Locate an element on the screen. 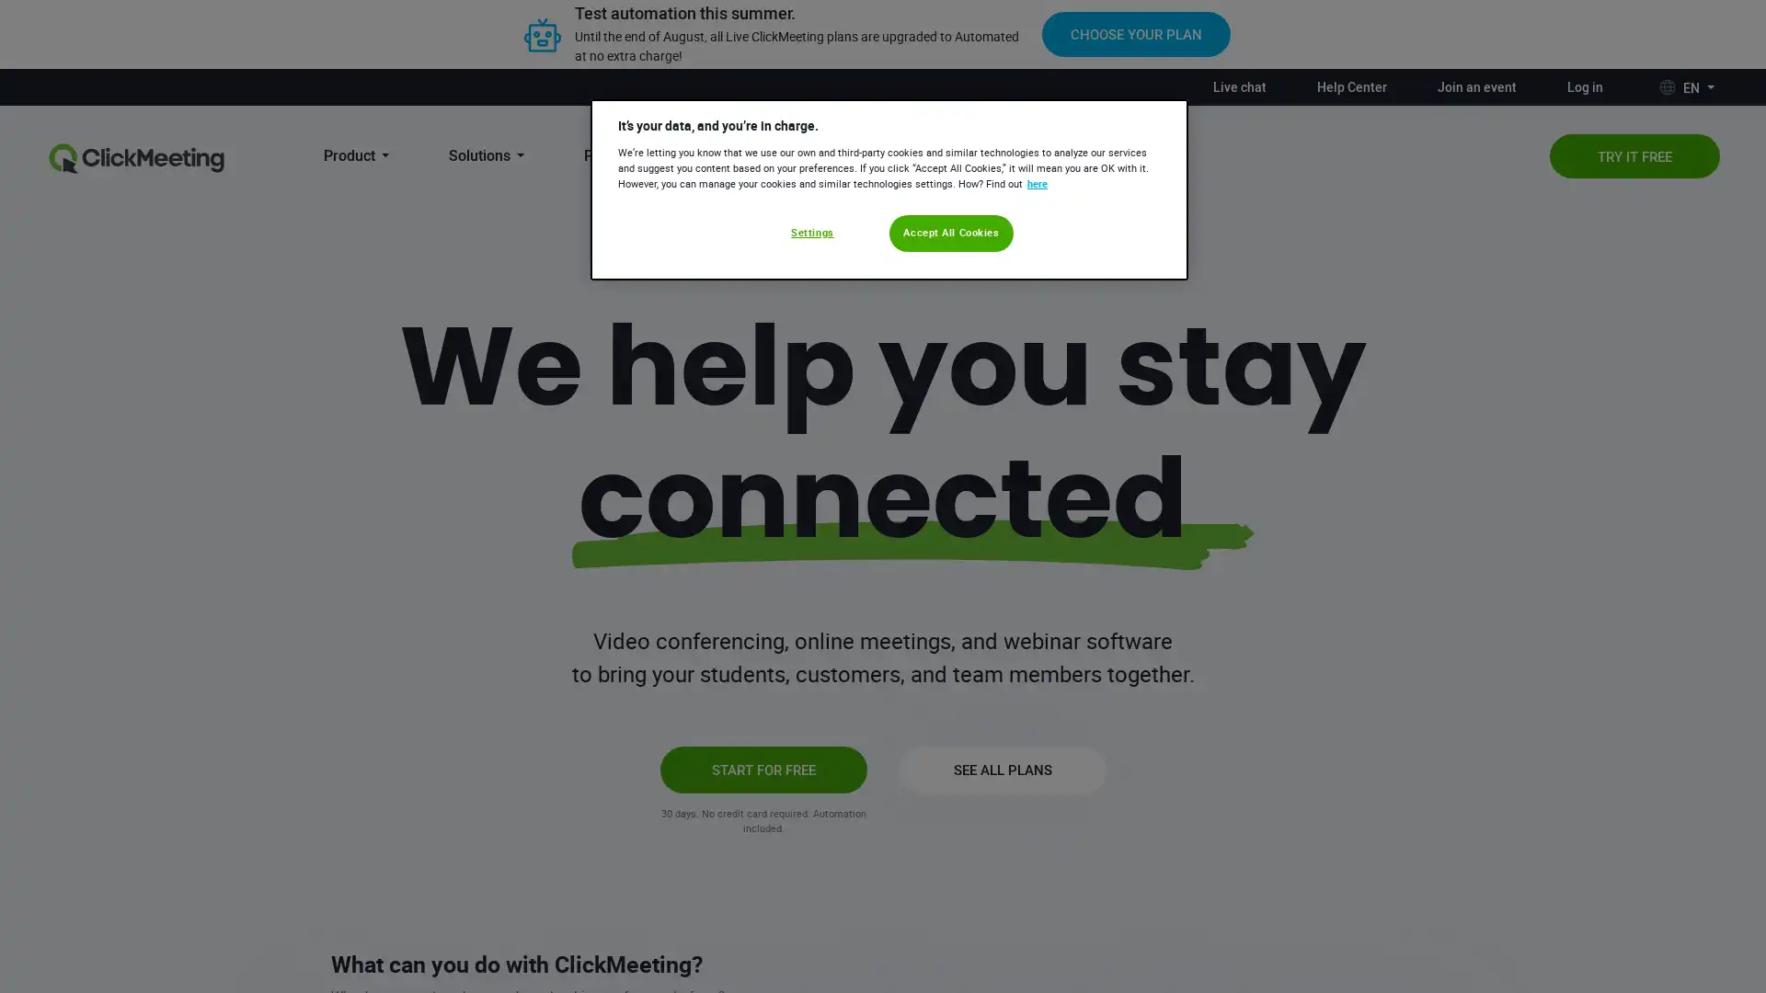  Accept All Cookies is located at coordinates (951, 232).